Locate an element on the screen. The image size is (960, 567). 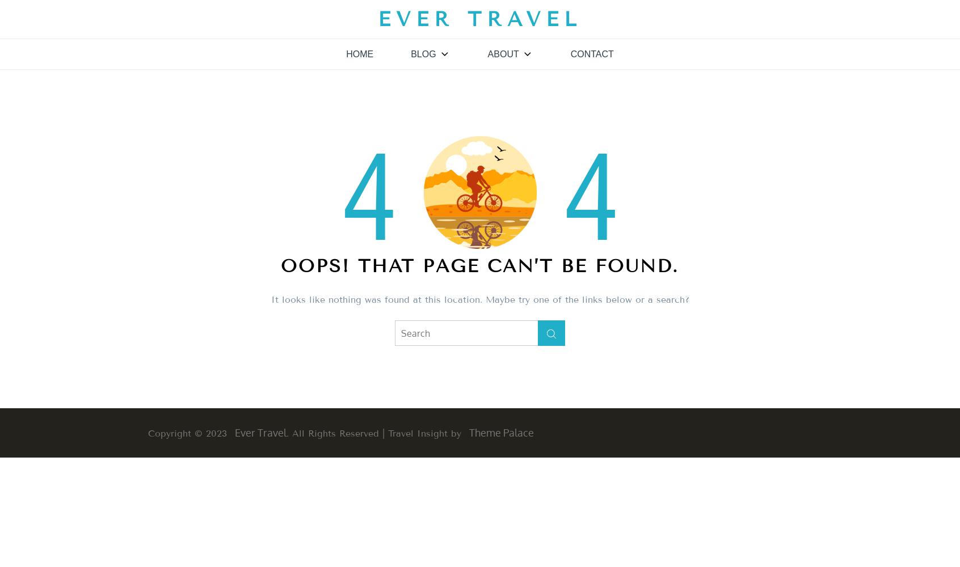
'Blog' is located at coordinates (410, 53).